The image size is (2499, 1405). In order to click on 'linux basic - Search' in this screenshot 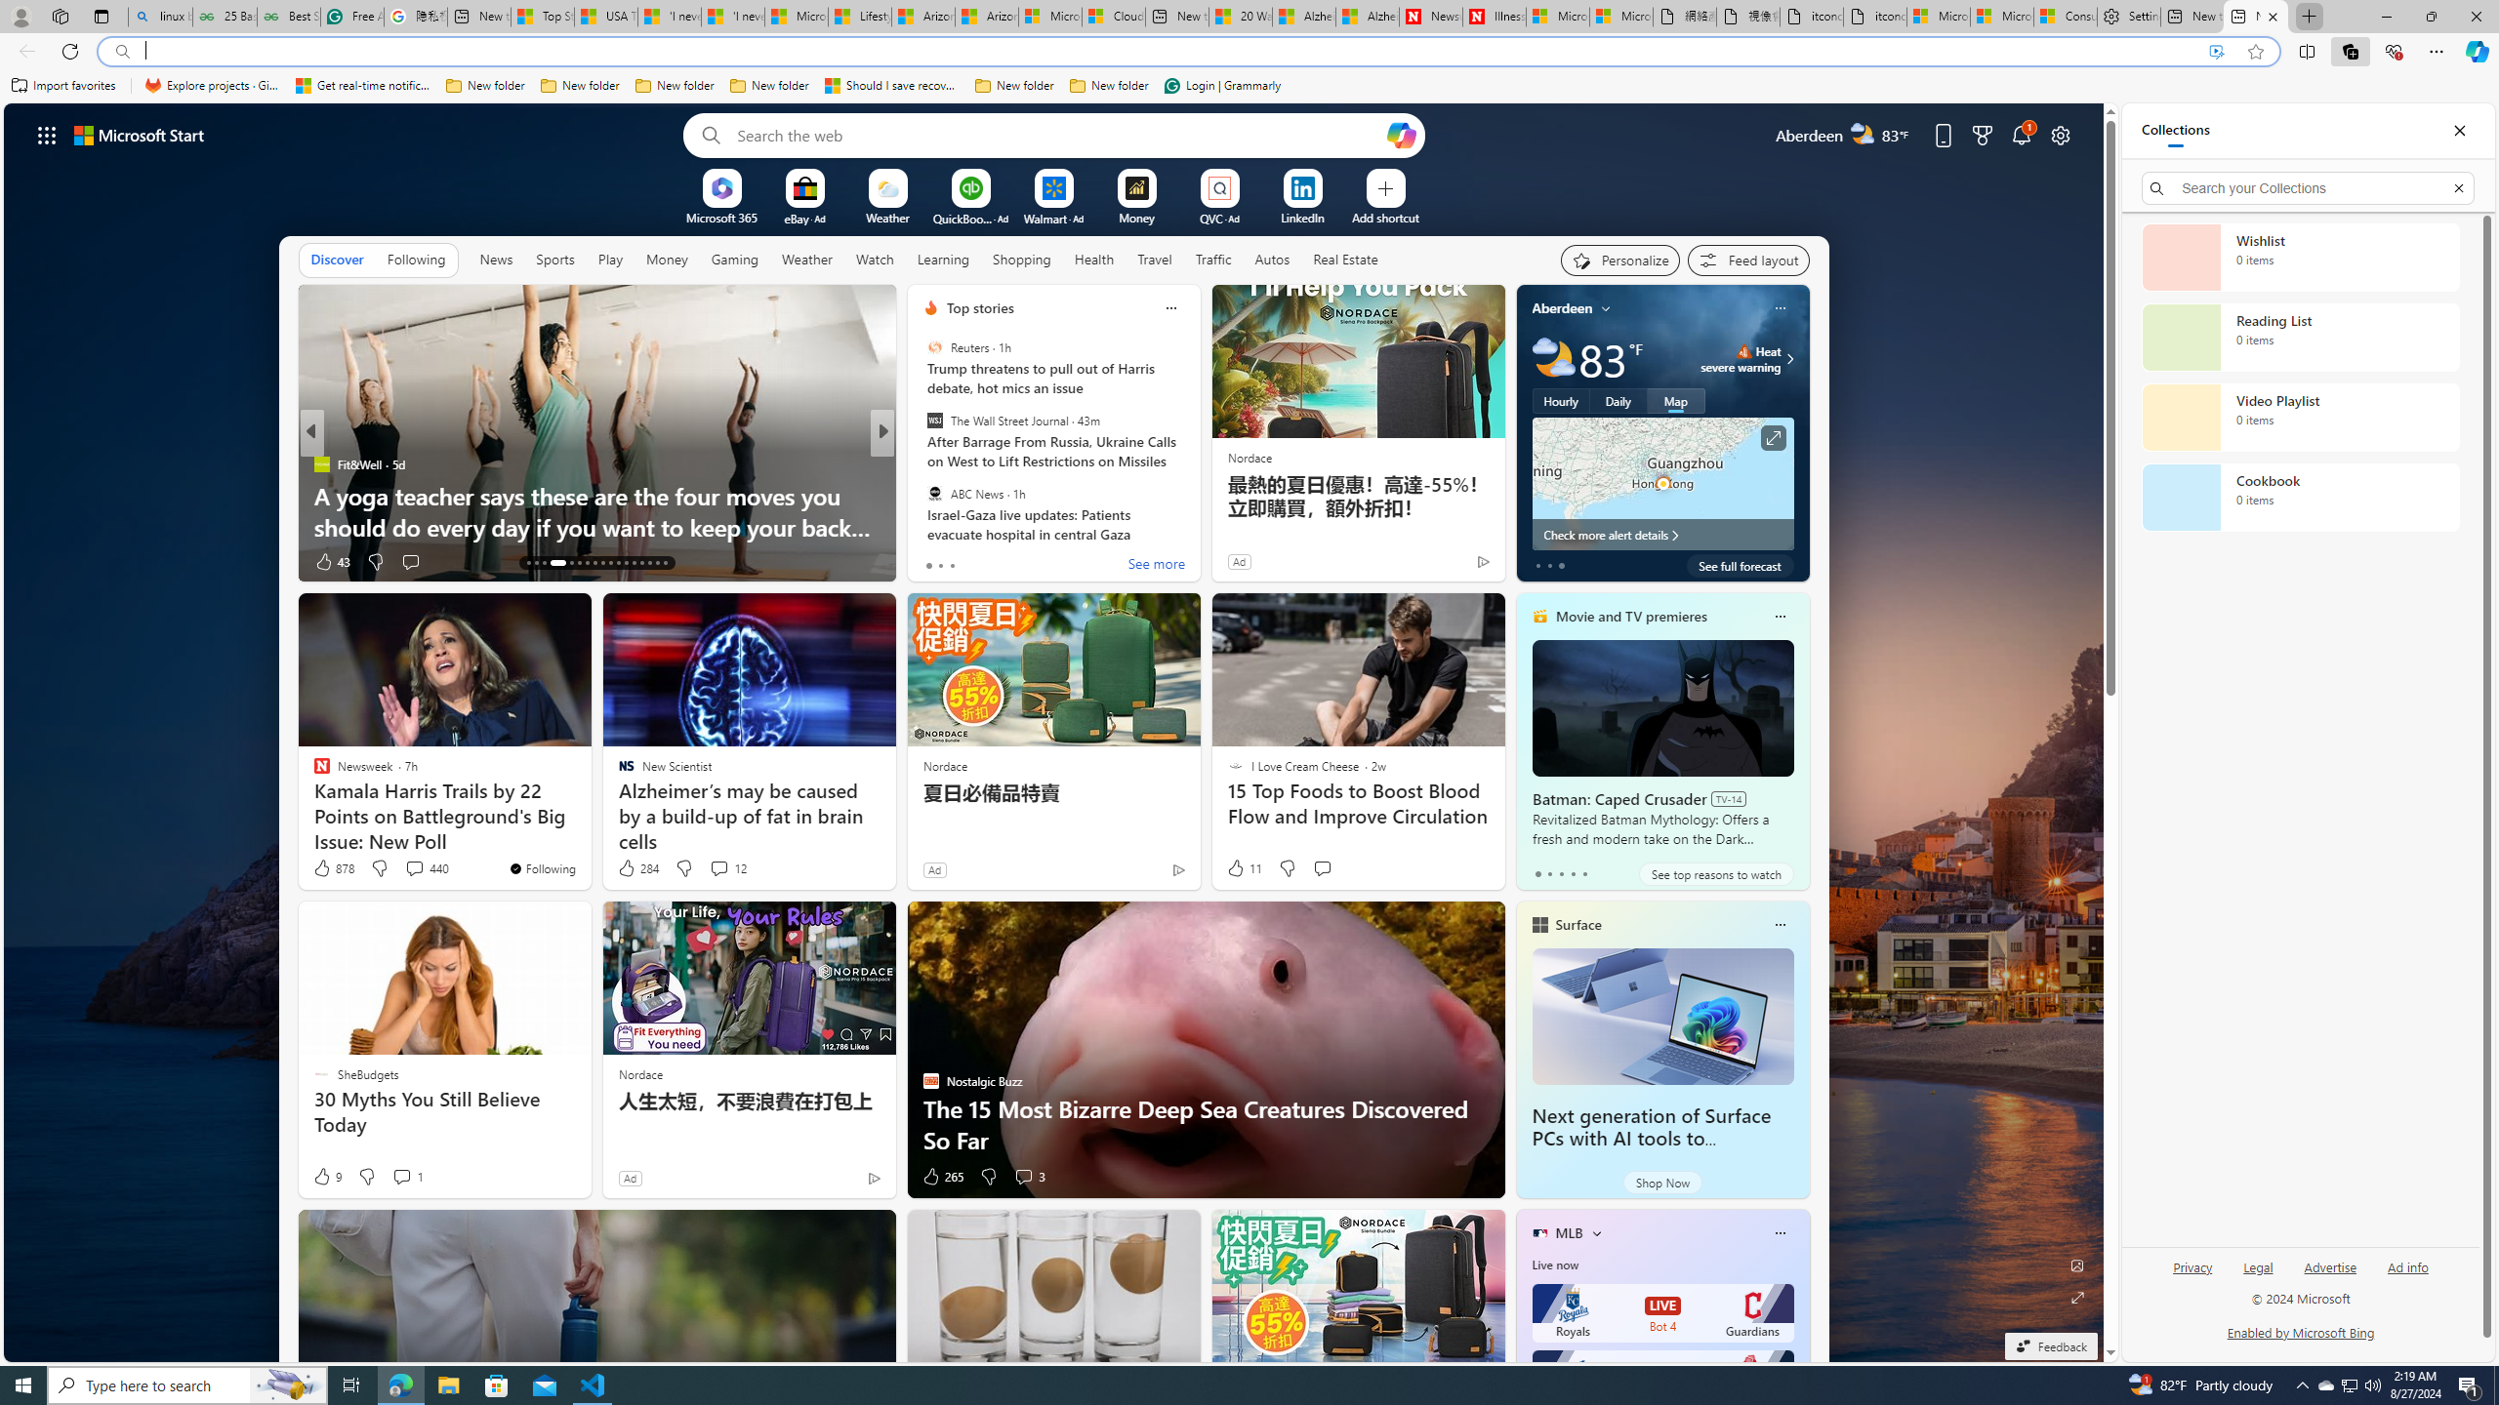, I will do `click(159, 16)`.